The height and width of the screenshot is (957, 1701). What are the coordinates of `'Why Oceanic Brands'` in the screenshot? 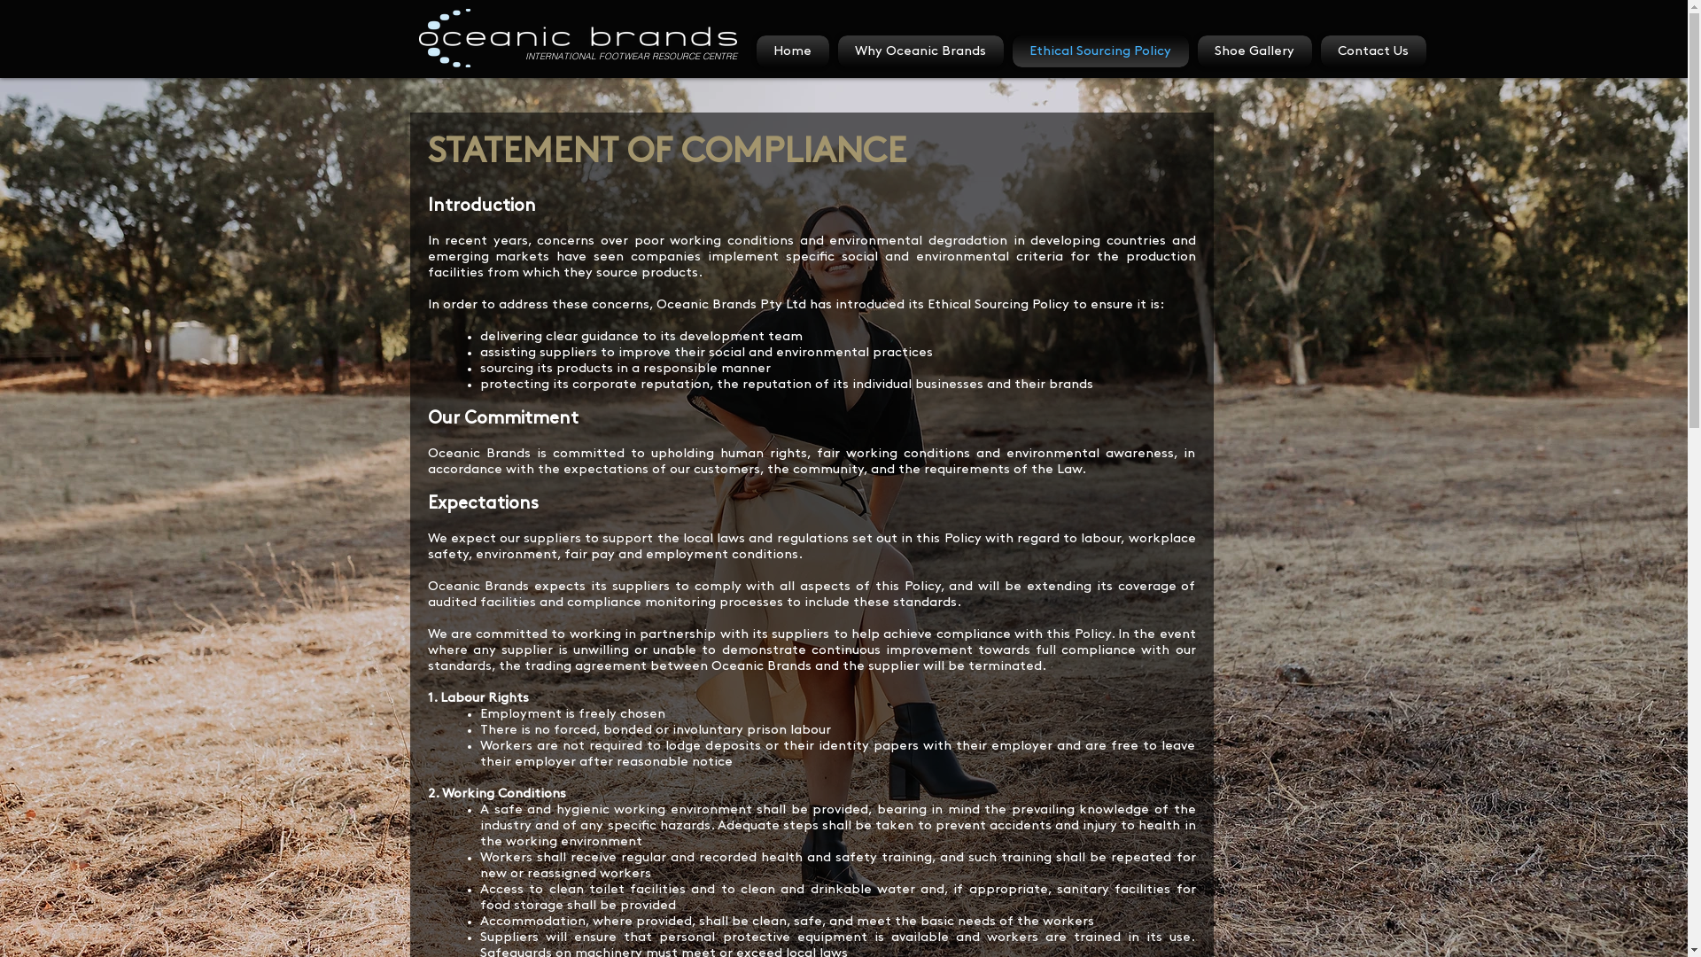 It's located at (920, 50).